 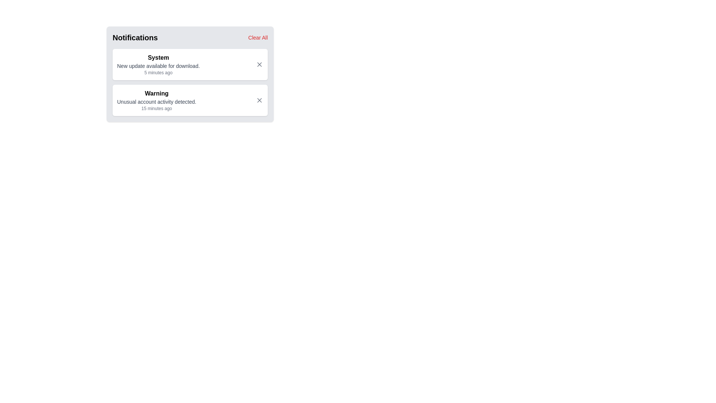 What do you see at coordinates (156, 100) in the screenshot?
I see `the 'Warning' Notification item that displays an unusual account activity message` at bounding box center [156, 100].